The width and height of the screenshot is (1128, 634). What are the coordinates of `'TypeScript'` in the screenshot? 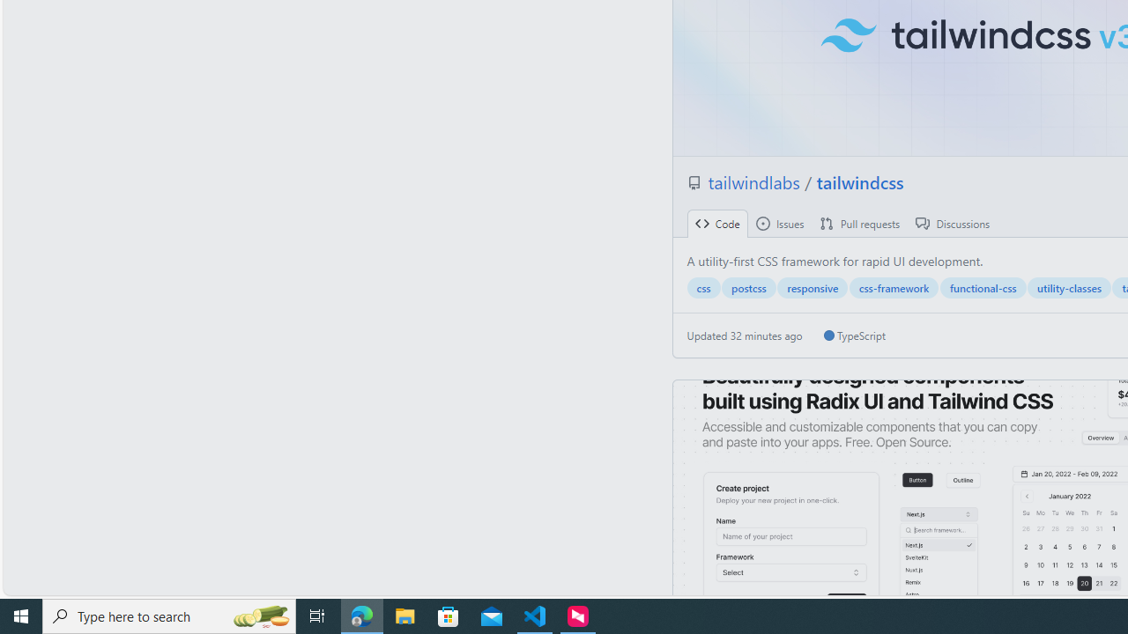 It's located at (854, 335).